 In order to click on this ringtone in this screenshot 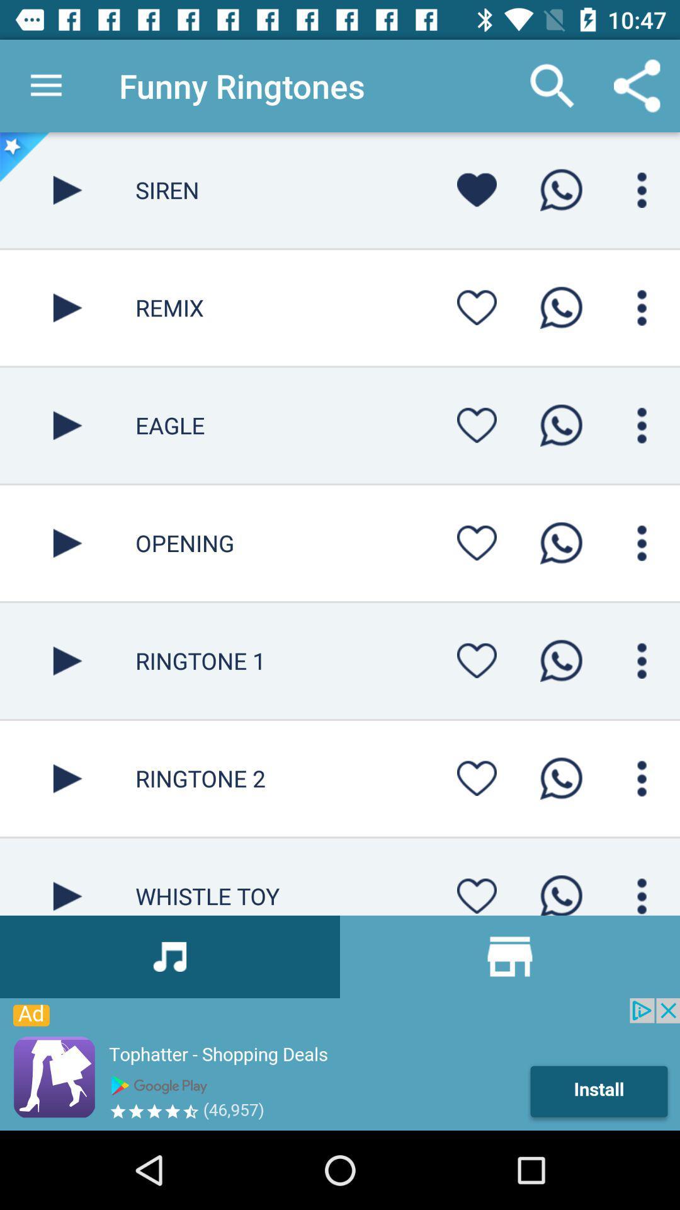, I will do `click(67, 543)`.